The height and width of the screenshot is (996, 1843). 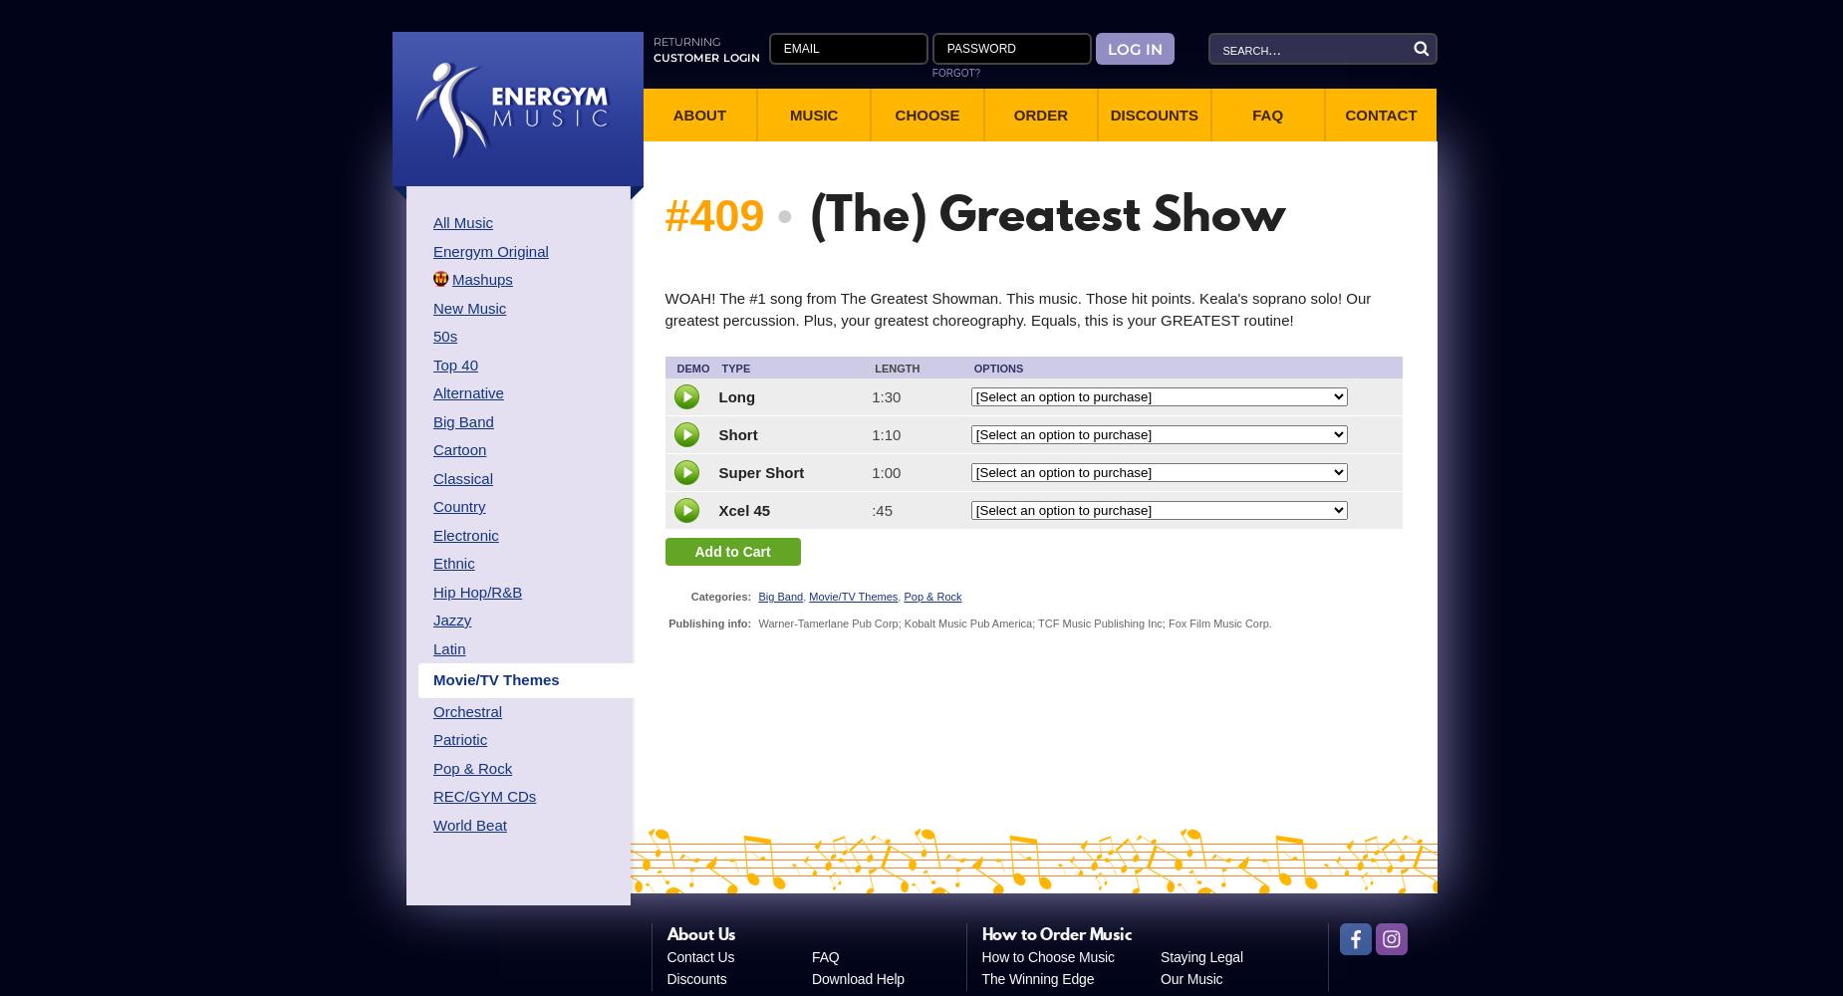 What do you see at coordinates (490, 250) in the screenshot?
I see `'Energym Original'` at bounding box center [490, 250].